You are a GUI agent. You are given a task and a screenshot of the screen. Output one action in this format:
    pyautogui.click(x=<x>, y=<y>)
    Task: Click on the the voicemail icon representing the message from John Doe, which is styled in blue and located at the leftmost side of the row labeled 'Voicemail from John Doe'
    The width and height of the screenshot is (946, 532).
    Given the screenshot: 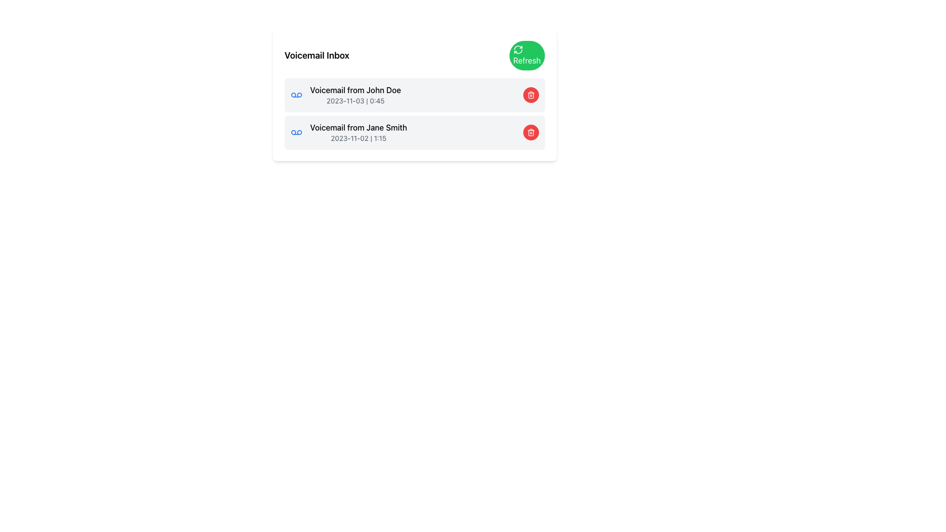 What is the action you would take?
    pyautogui.click(x=296, y=95)
    